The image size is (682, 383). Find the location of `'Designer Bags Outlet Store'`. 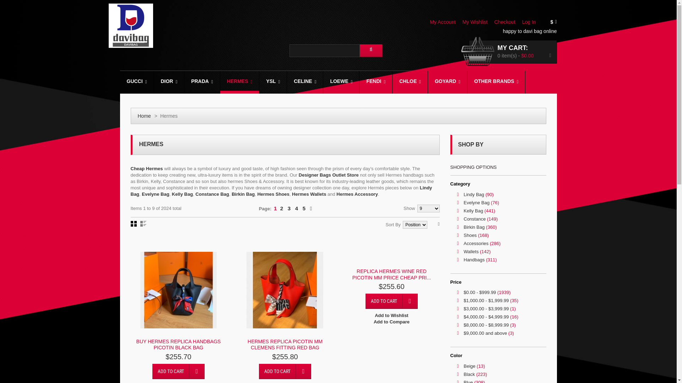

'Designer Bags Outlet Store' is located at coordinates (298, 175).